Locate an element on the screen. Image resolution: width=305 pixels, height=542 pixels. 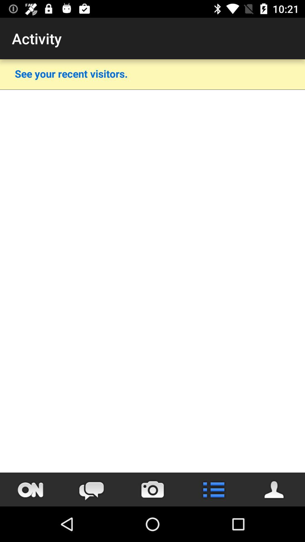
newsfeed is located at coordinates (213, 489).